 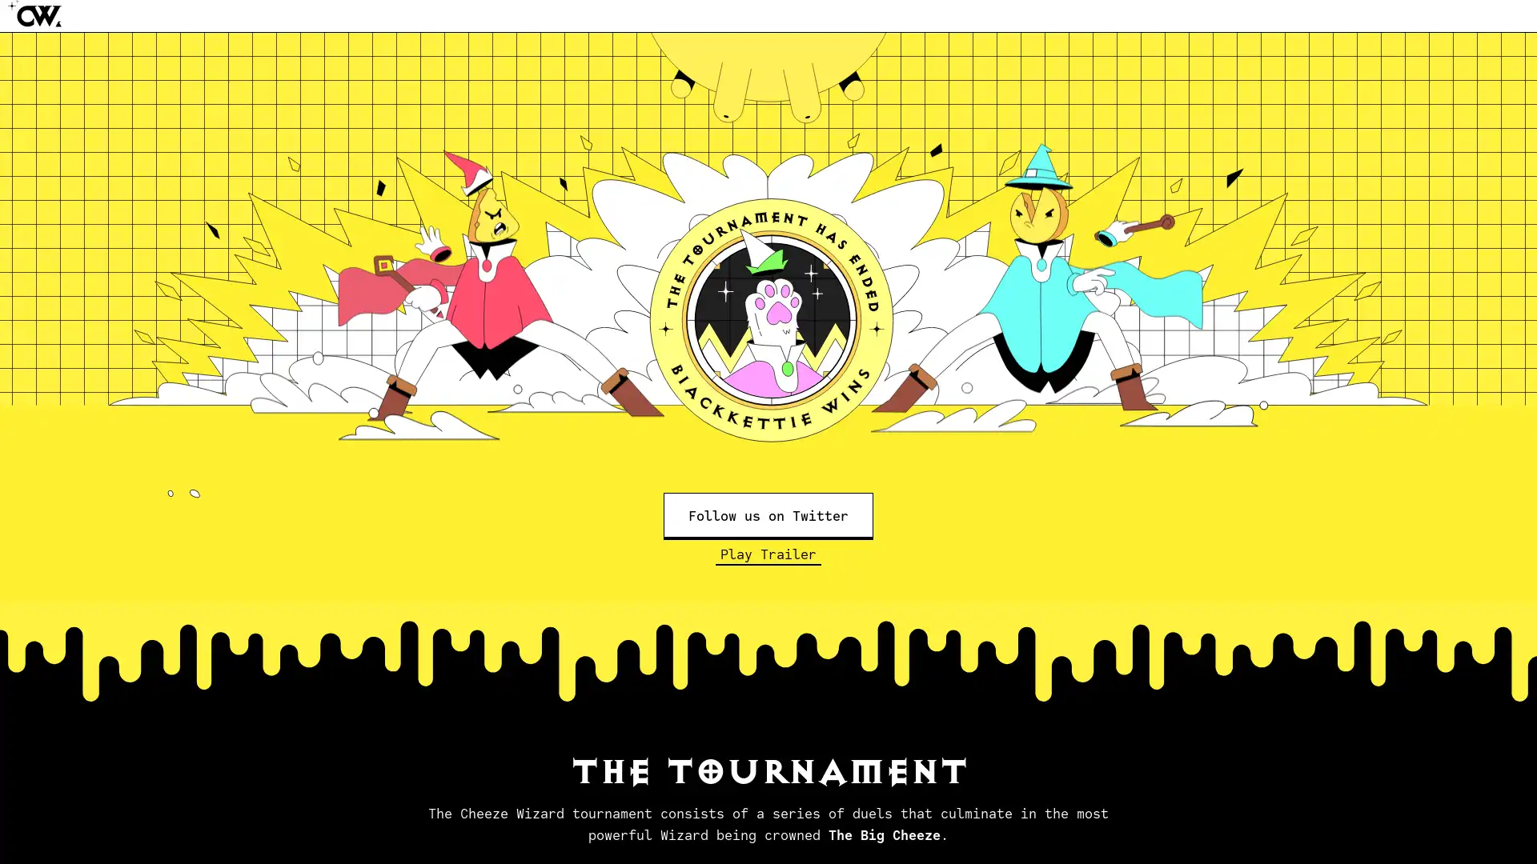 What do you see at coordinates (768, 554) in the screenshot?
I see `Play Trailer` at bounding box center [768, 554].